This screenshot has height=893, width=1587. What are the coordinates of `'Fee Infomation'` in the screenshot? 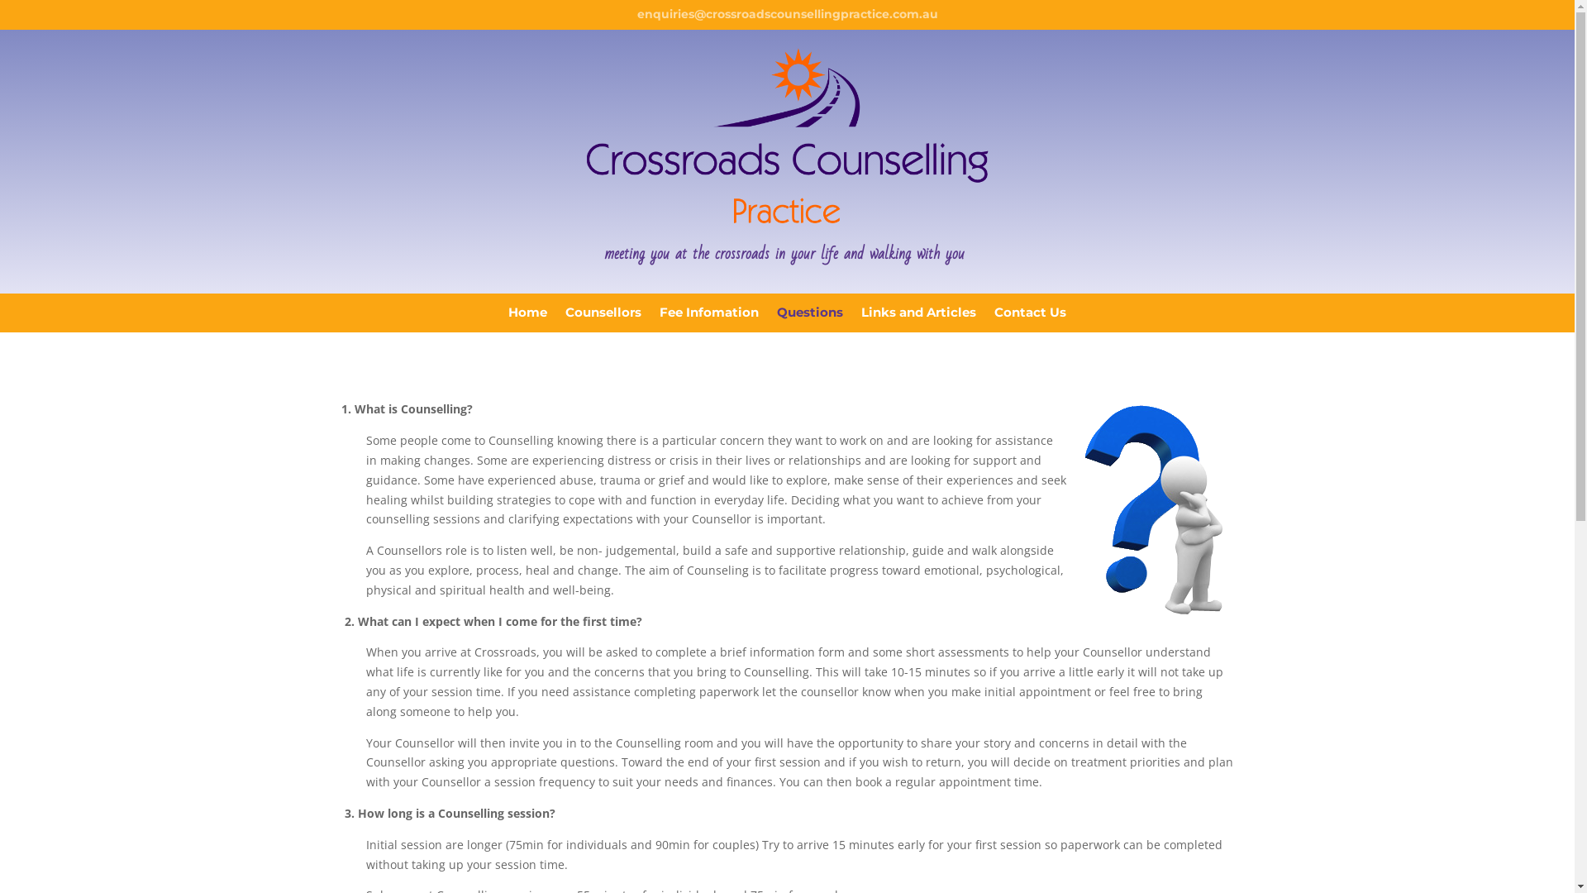 It's located at (709, 315).